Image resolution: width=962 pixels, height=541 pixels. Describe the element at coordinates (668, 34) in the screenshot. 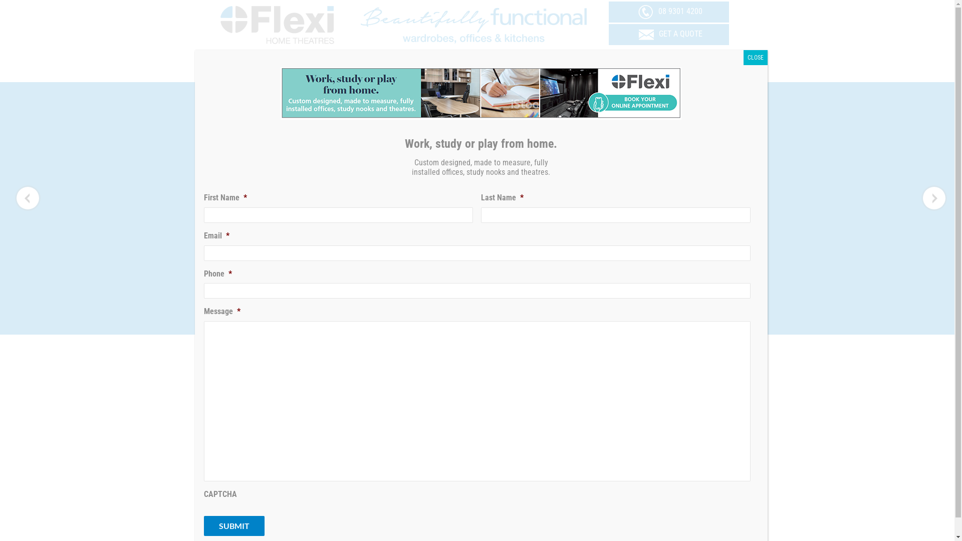

I see `'GET A QUOTE'` at that location.